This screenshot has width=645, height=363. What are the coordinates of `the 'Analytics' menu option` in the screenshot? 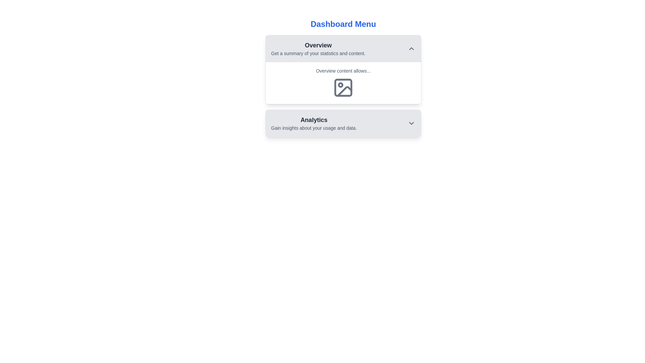 It's located at (343, 123).